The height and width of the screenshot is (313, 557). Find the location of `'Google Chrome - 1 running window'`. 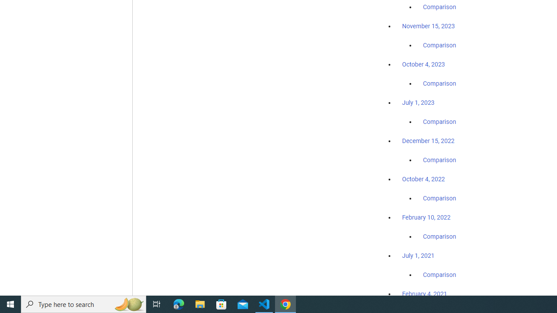

'Google Chrome - 1 running window' is located at coordinates (285, 303).